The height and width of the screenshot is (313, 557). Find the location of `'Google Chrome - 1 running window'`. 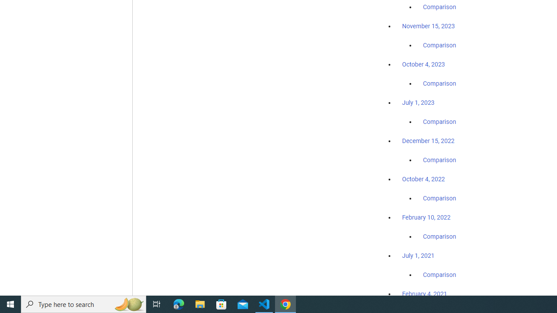

'Google Chrome - 1 running window' is located at coordinates (285, 303).